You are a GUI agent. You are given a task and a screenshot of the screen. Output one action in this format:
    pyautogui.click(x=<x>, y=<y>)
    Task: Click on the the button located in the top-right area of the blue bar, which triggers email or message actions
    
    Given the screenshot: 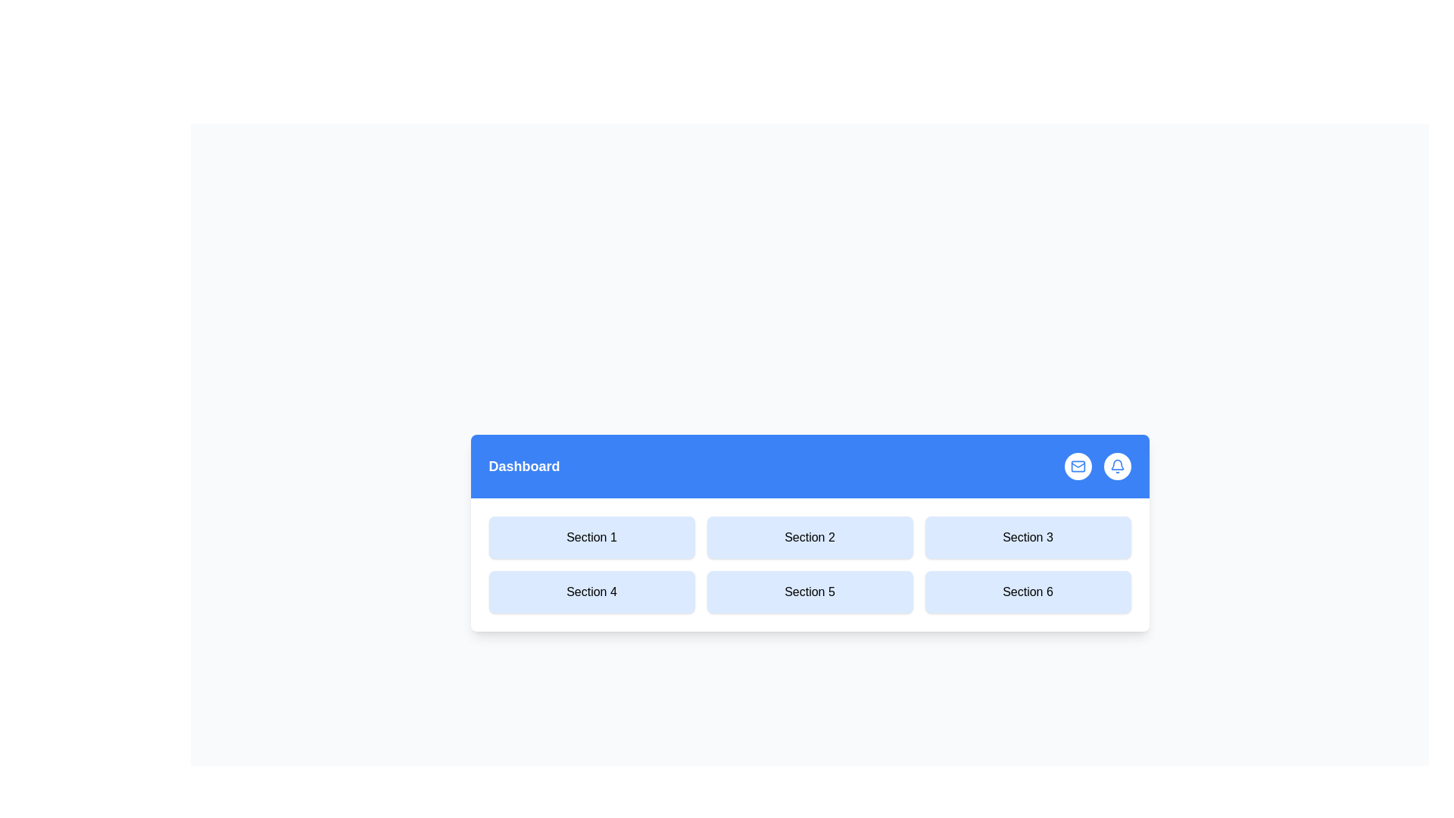 What is the action you would take?
    pyautogui.click(x=1077, y=466)
    